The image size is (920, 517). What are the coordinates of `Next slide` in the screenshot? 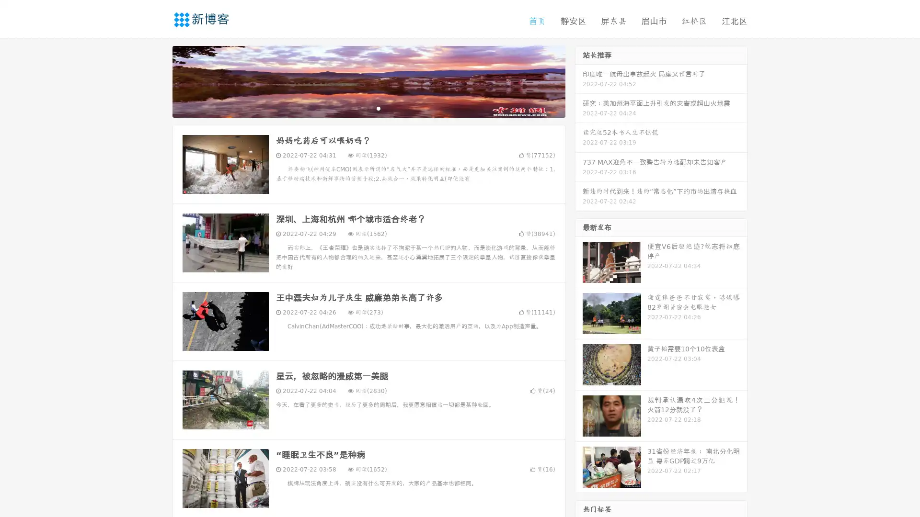 It's located at (579, 80).